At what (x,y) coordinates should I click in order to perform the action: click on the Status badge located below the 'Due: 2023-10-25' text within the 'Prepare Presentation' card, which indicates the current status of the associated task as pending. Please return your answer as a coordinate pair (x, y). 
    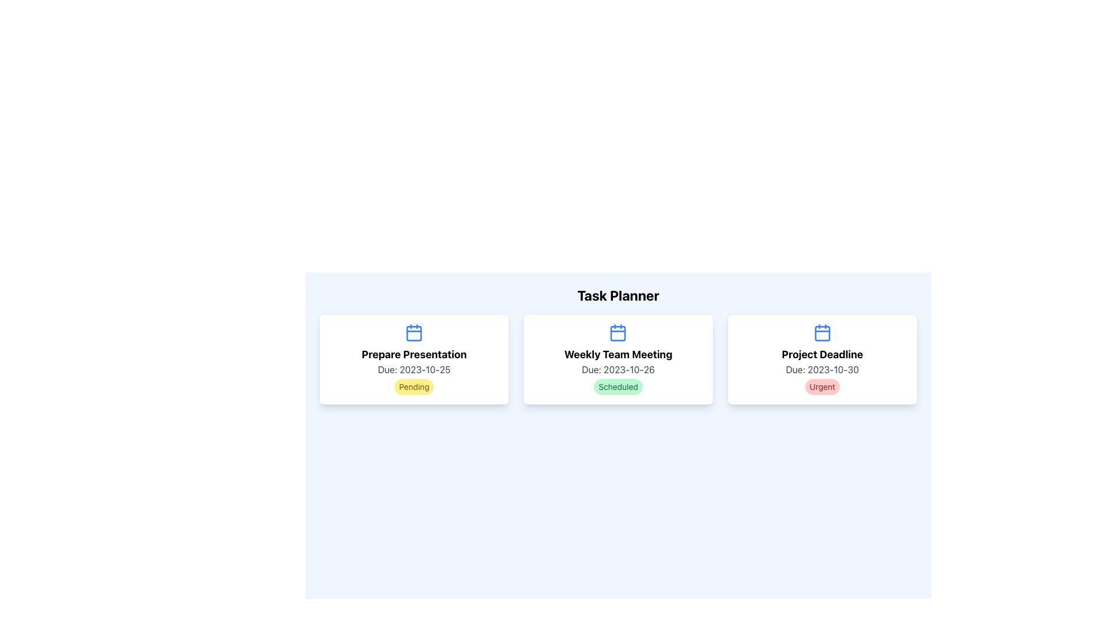
    Looking at the image, I should click on (414, 386).